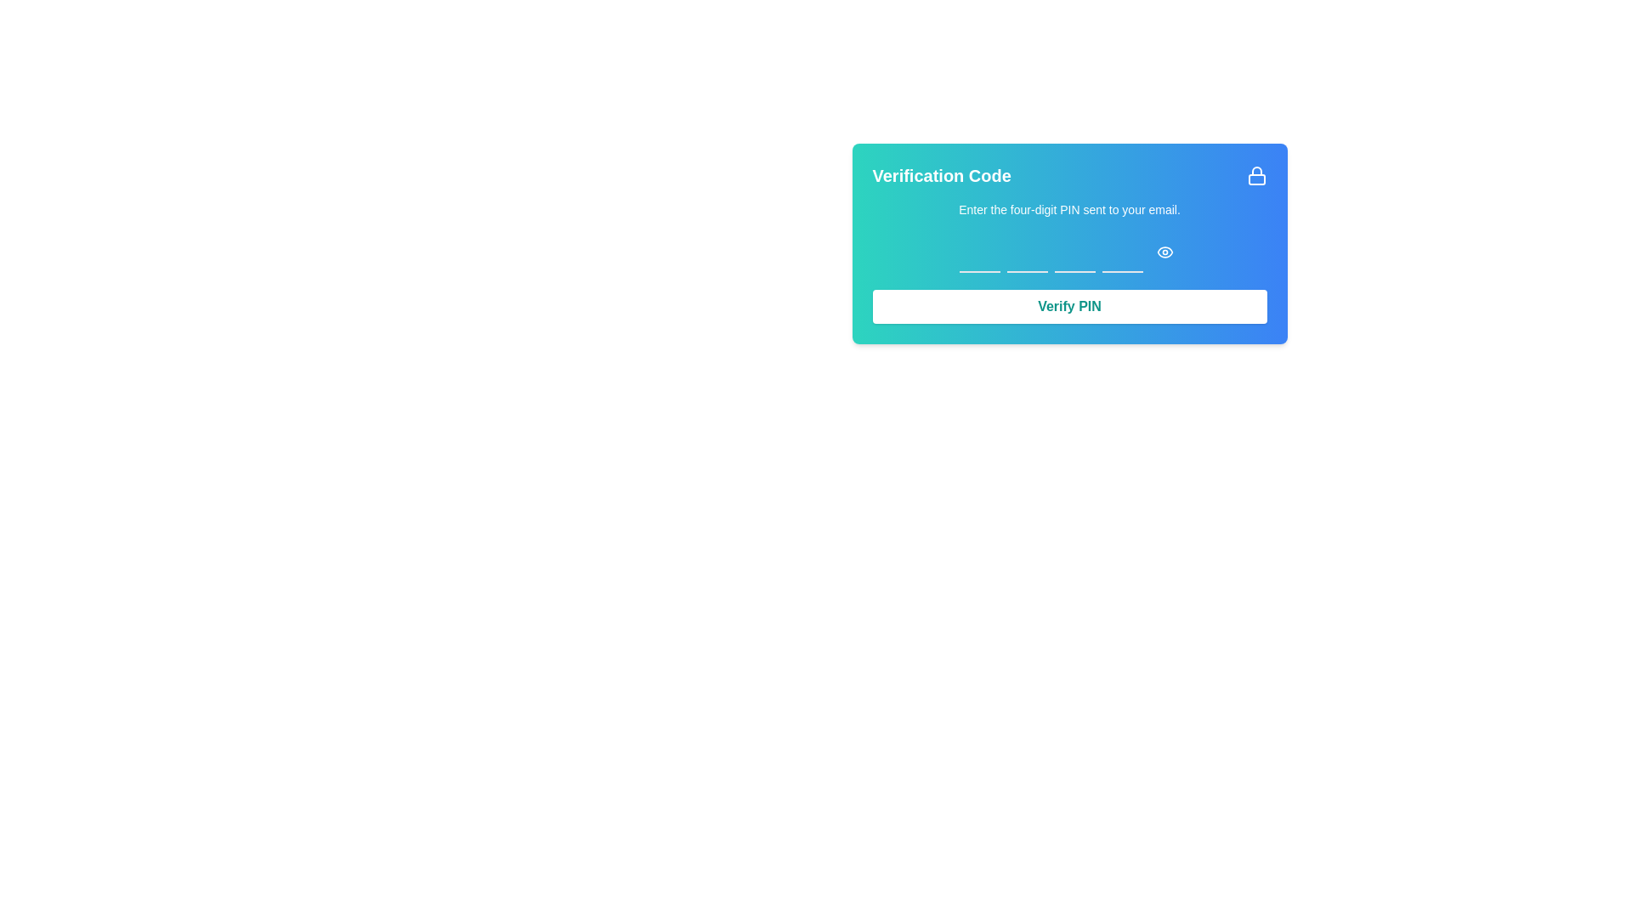  Describe the element at coordinates (1164, 252) in the screenshot. I see `the circular eye icon button located to the right of the verification code input fields` at that location.